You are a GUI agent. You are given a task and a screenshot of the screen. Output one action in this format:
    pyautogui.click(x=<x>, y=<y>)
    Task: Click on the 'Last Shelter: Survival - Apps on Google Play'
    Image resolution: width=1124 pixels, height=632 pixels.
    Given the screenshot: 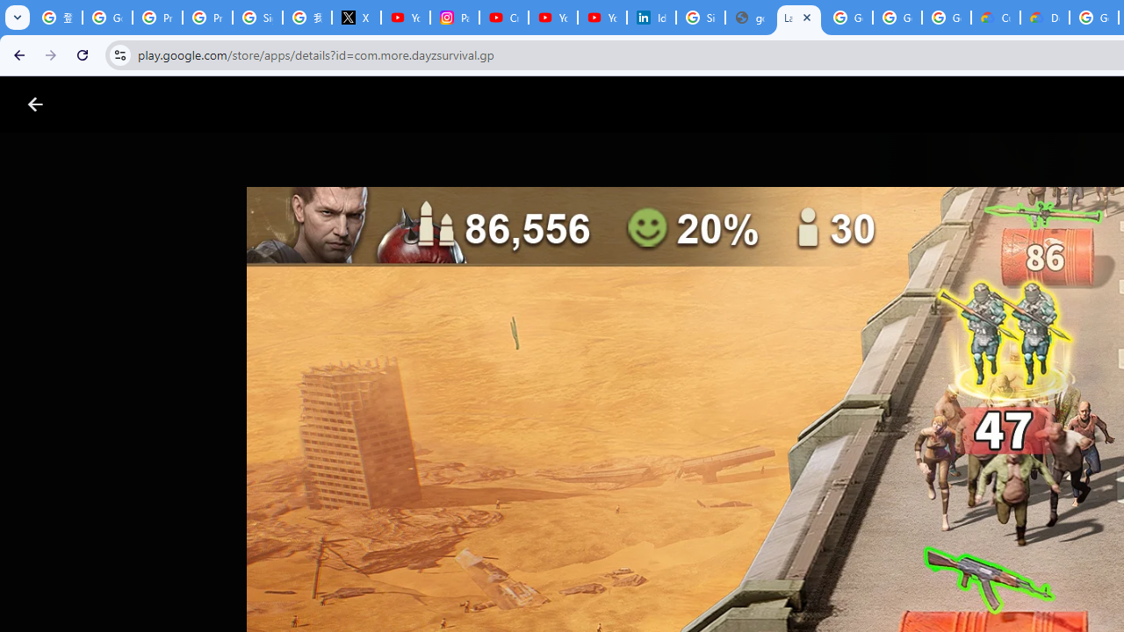 What is the action you would take?
    pyautogui.click(x=798, y=18)
    